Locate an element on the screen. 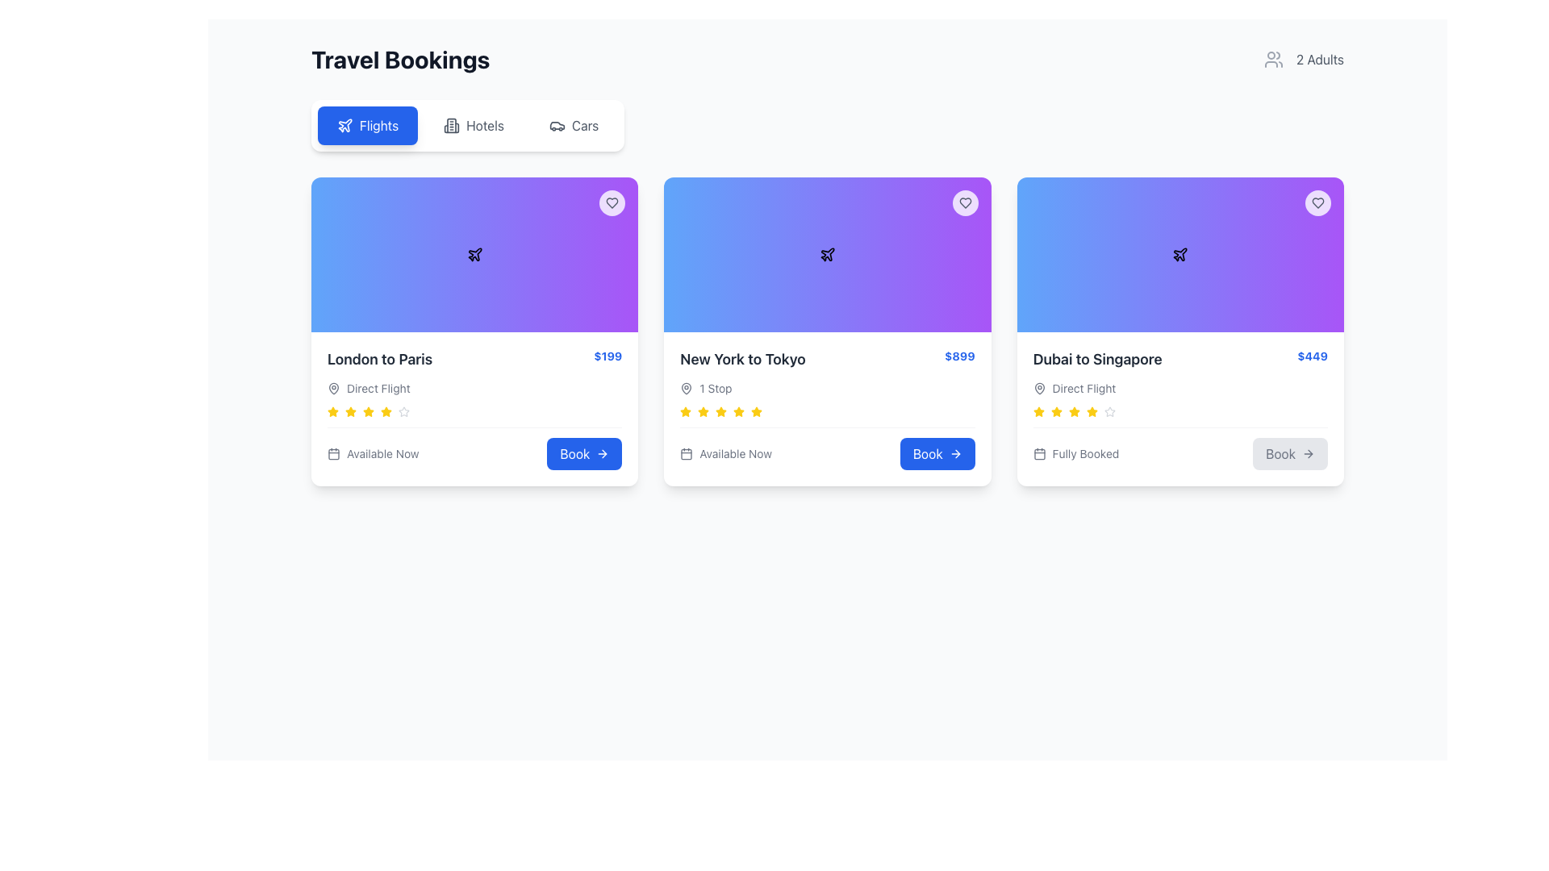  the right-pointing arrow icon within the 'Book' button on the travel card for the trip from 'Dubai to Singapore' is located at coordinates (1309, 454).